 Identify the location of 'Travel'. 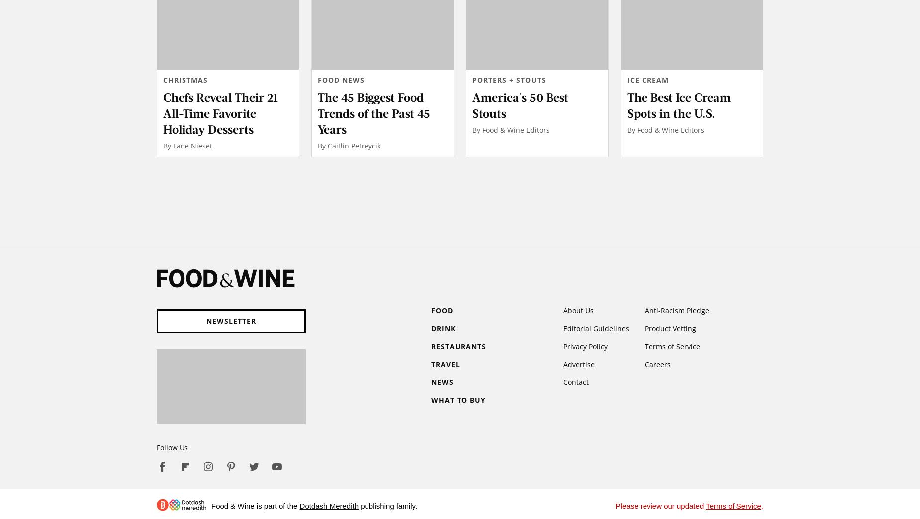
(445, 363).